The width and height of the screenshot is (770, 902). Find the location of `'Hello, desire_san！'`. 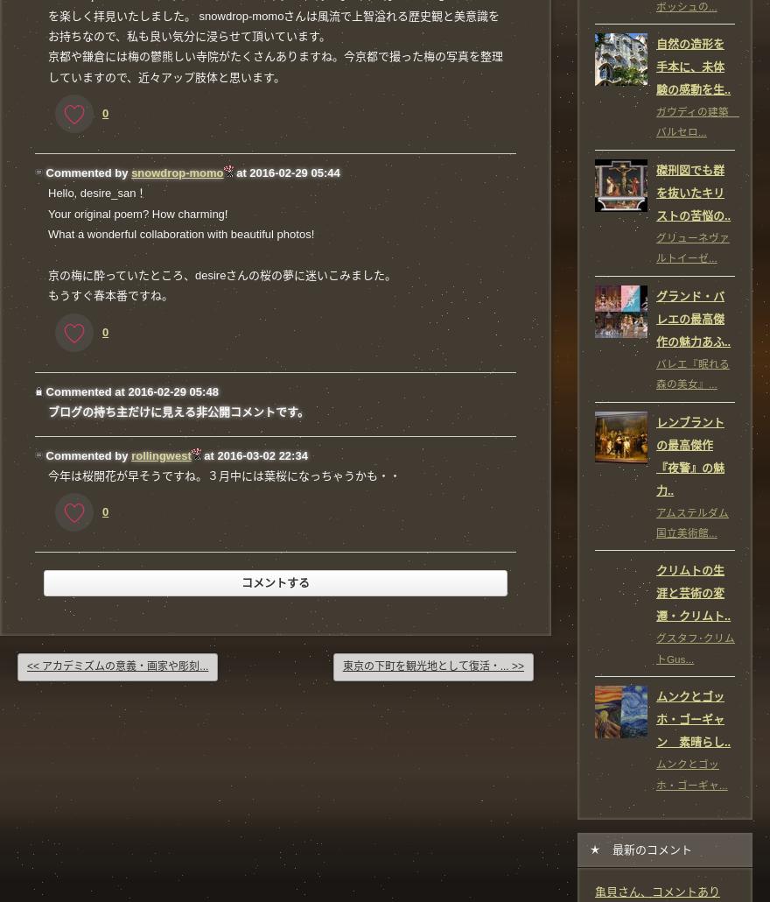

'Hello, desire_san！' is located at coordinates (97, 193).